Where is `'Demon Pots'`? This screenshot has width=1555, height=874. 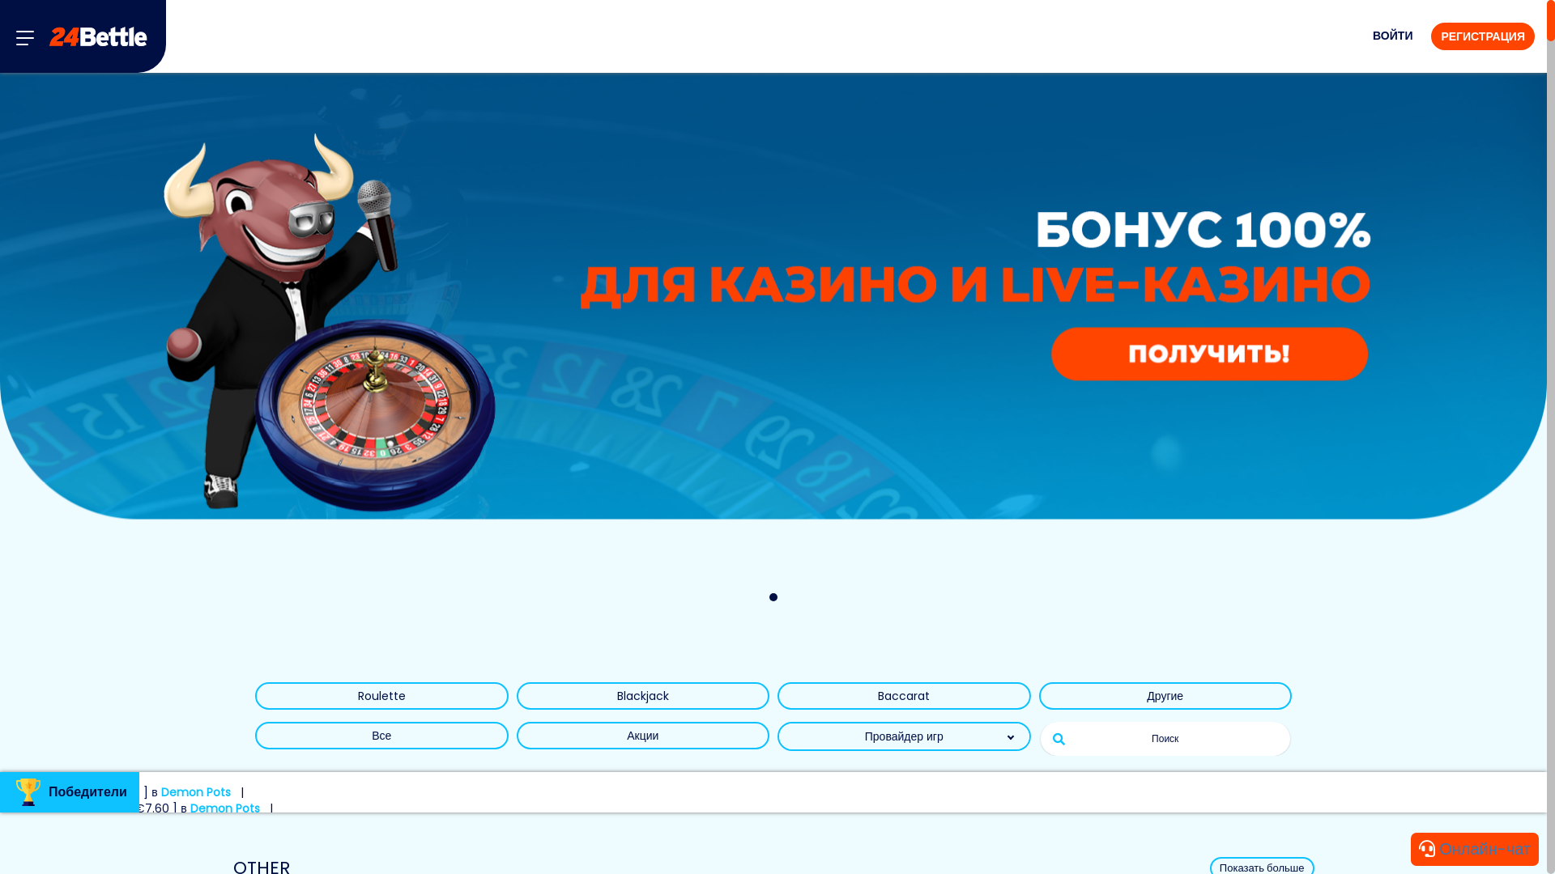 'Demon Pots' is located at coordinates (194, 791).